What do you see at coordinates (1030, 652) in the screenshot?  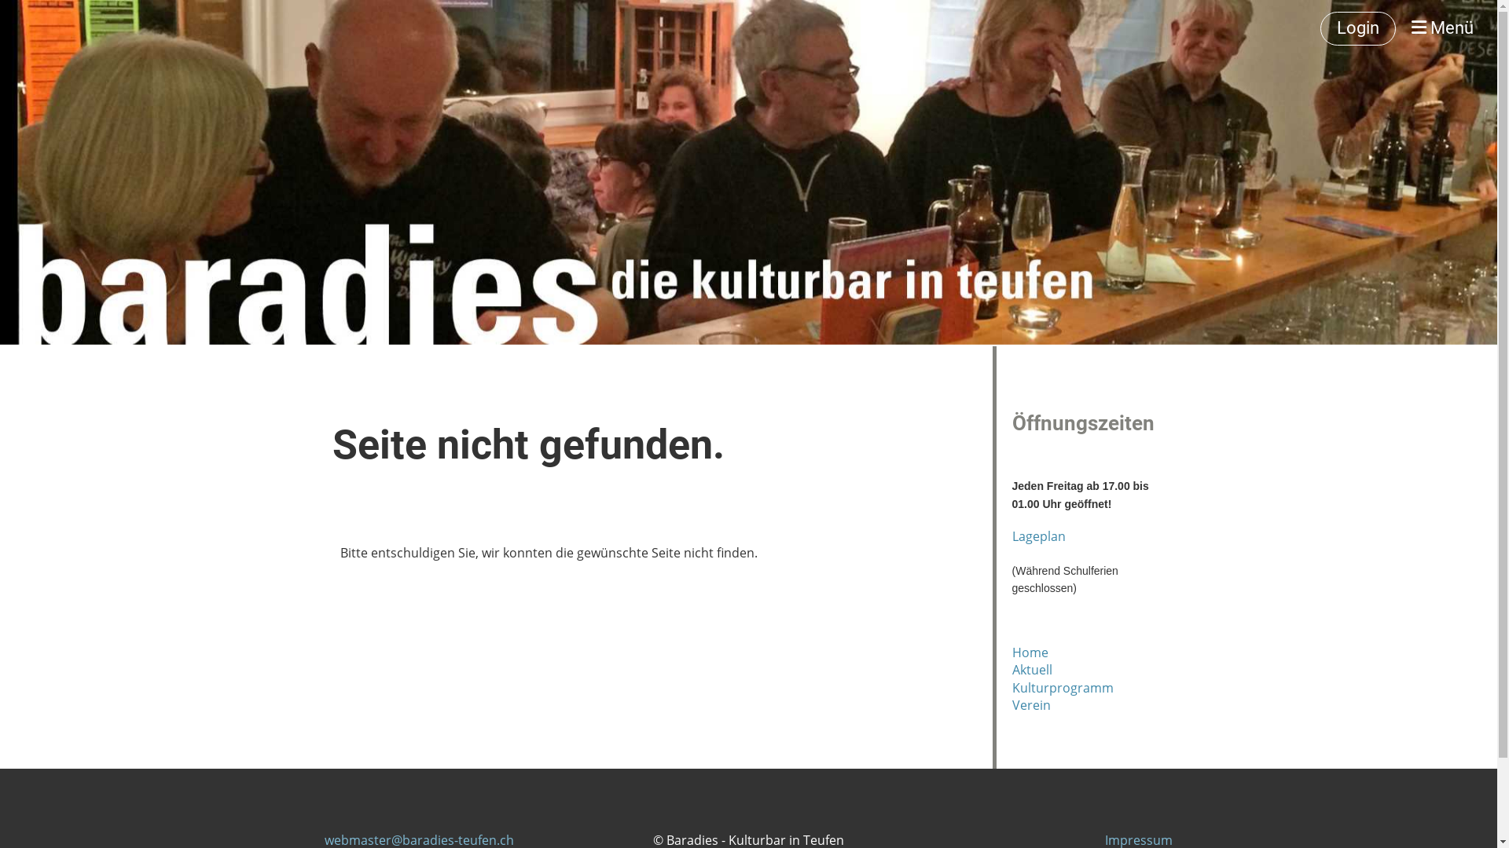 I see `'Home'` at bounding box center [1030, 652].